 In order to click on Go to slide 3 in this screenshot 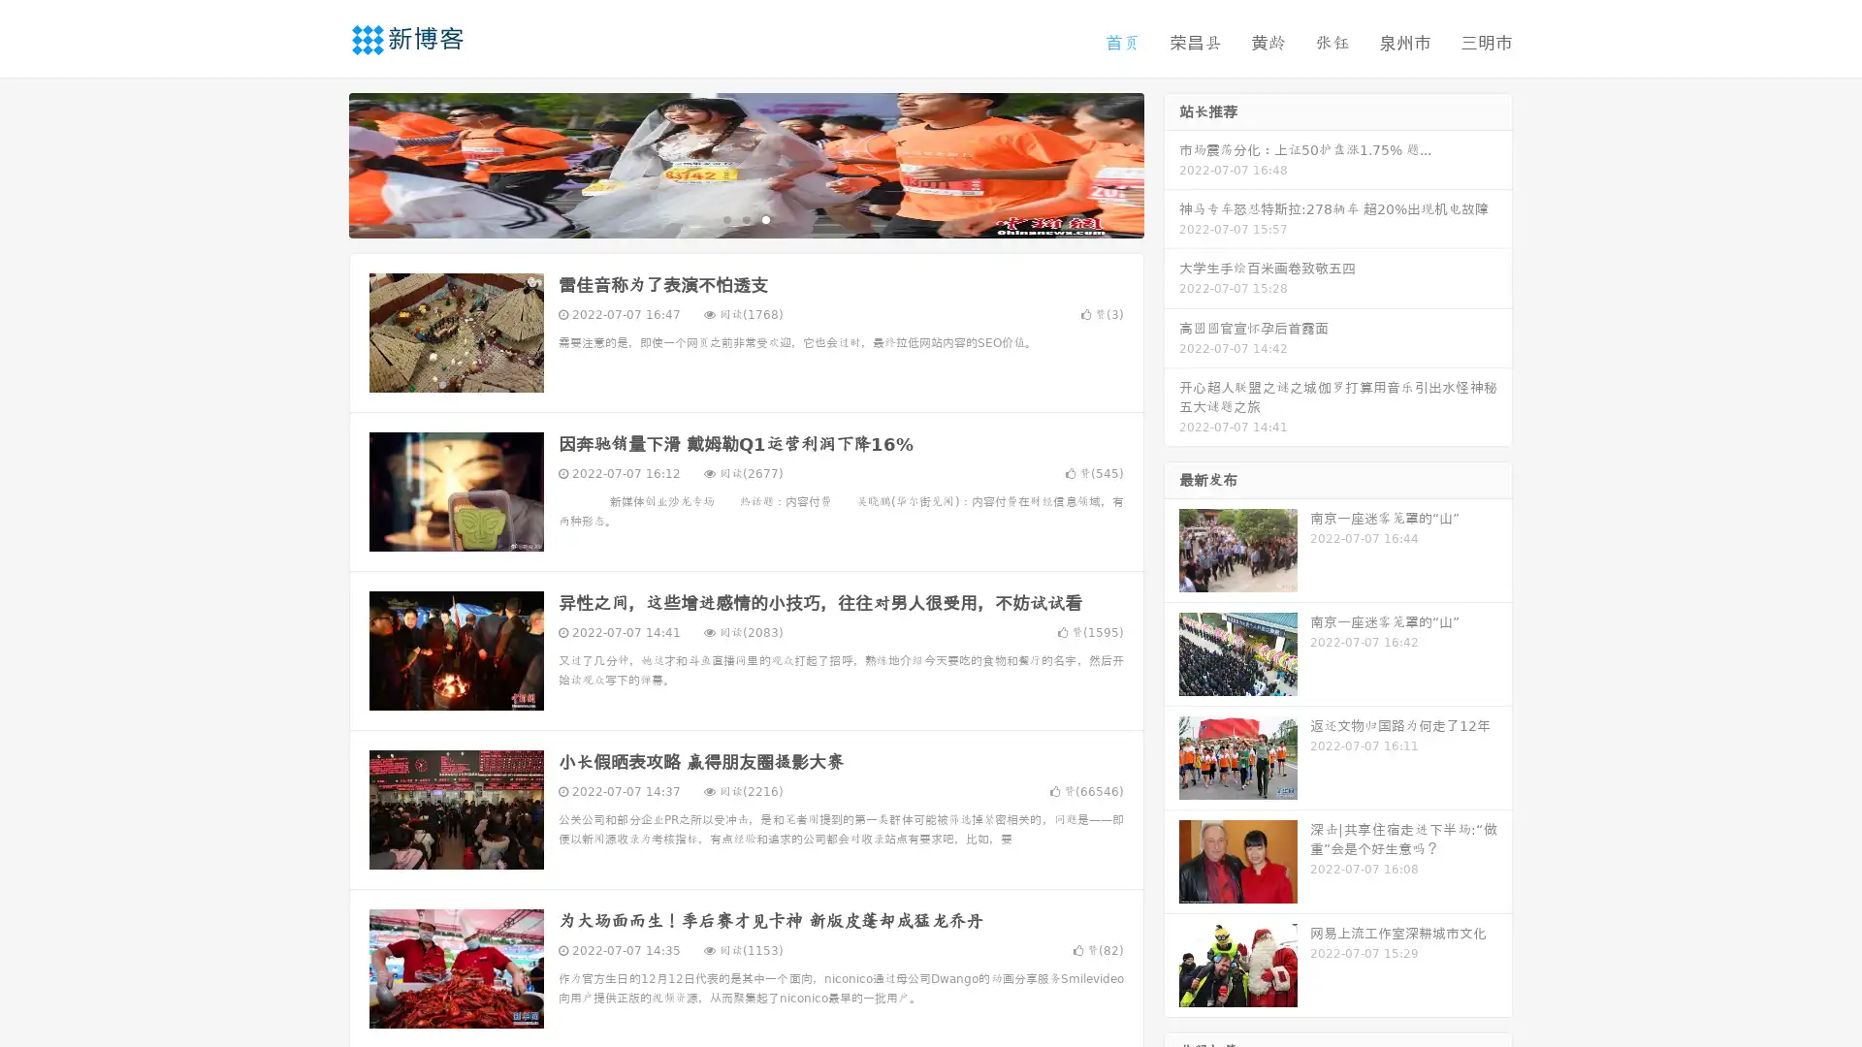, I will do `click(765, 218)`.